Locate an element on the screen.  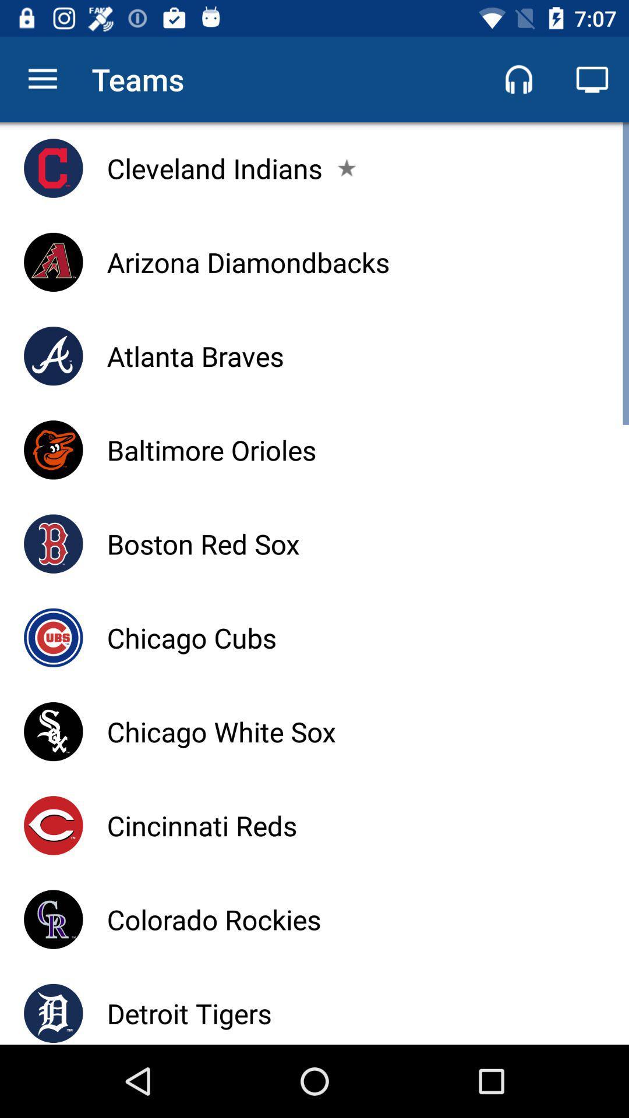
the arizona diamondbacks item is located at coordinates (248, 261).